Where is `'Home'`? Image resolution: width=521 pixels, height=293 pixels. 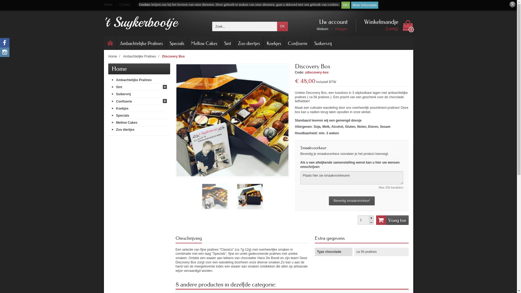
'Home' is located at coordinates (109, 5).